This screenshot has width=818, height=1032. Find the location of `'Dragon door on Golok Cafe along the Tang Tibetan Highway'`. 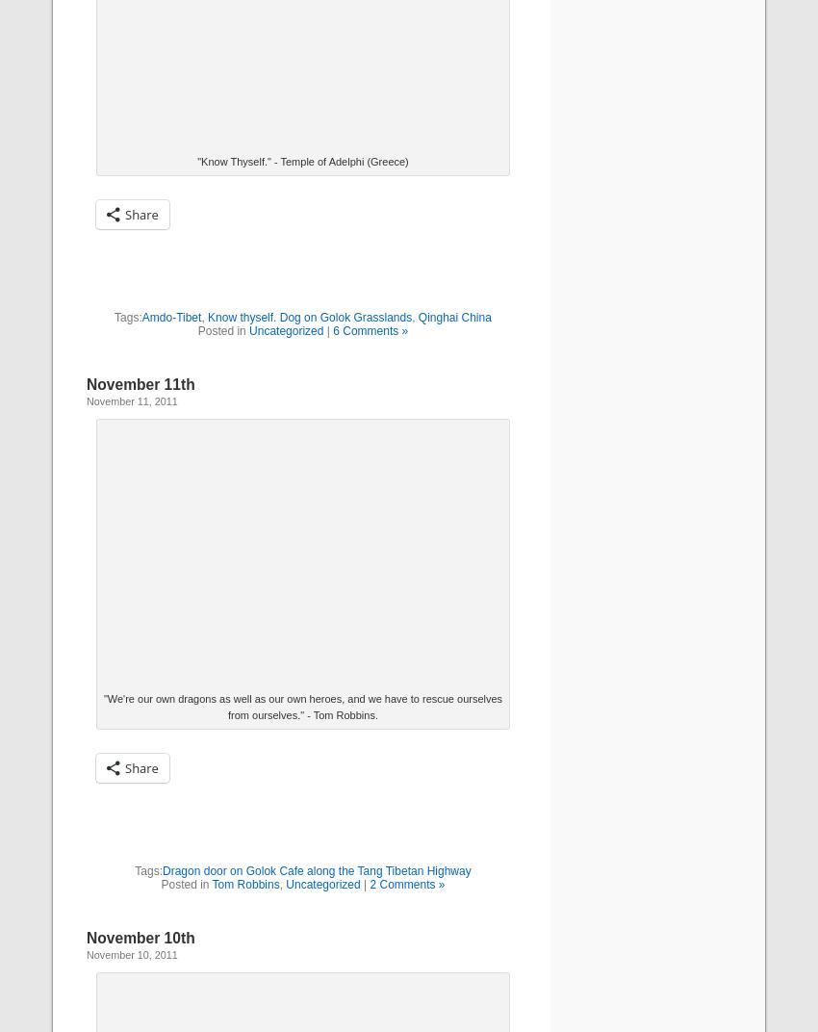

'Dragon door on Golok Cafe along the Tang Tibetan Highway' is located at coordinates (317, 870).